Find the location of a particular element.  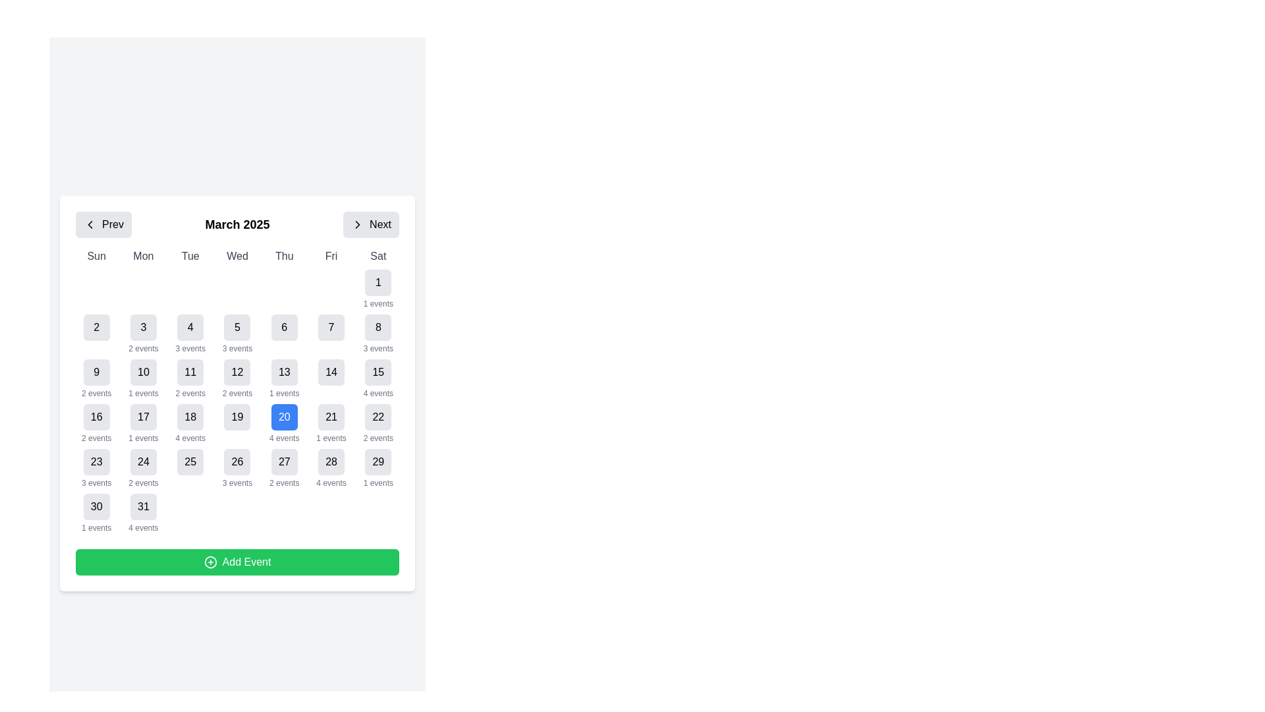

the text label displaying '4 events', which is styled in a small, gray font, located below the circular element with the number '18' in the date cell for the 18th date of the calendar is located at coordinates (190, 438).